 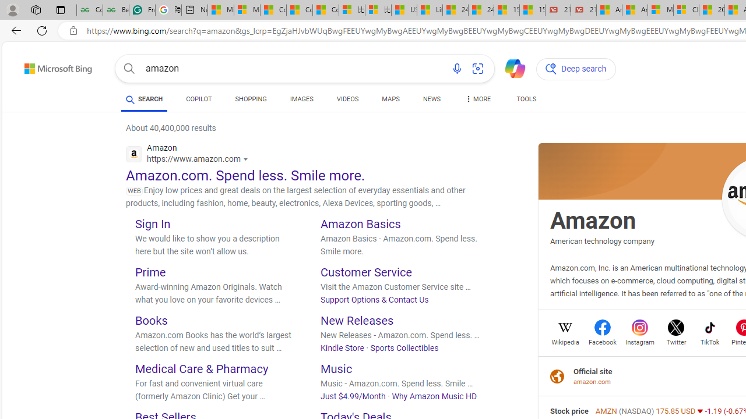 I want to click on 'amazon.com', so click(x=593, y=382).